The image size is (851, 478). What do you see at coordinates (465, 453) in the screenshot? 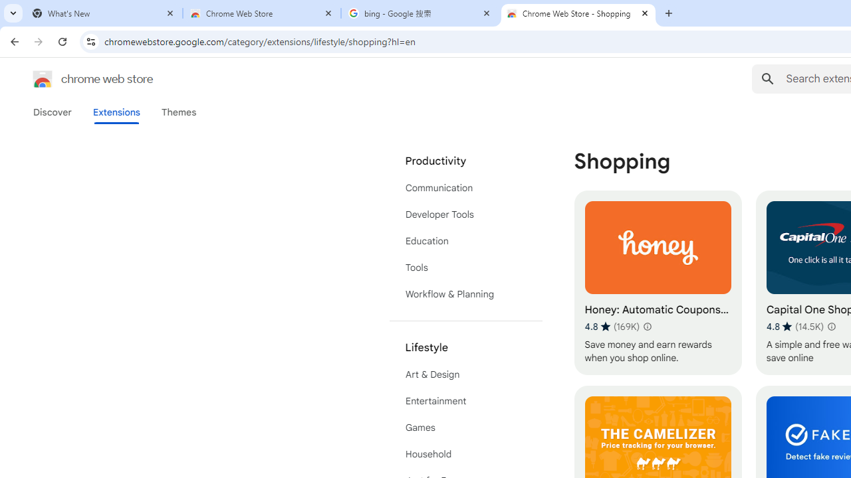
I see `'Household'` at bounding box center [465, 453].